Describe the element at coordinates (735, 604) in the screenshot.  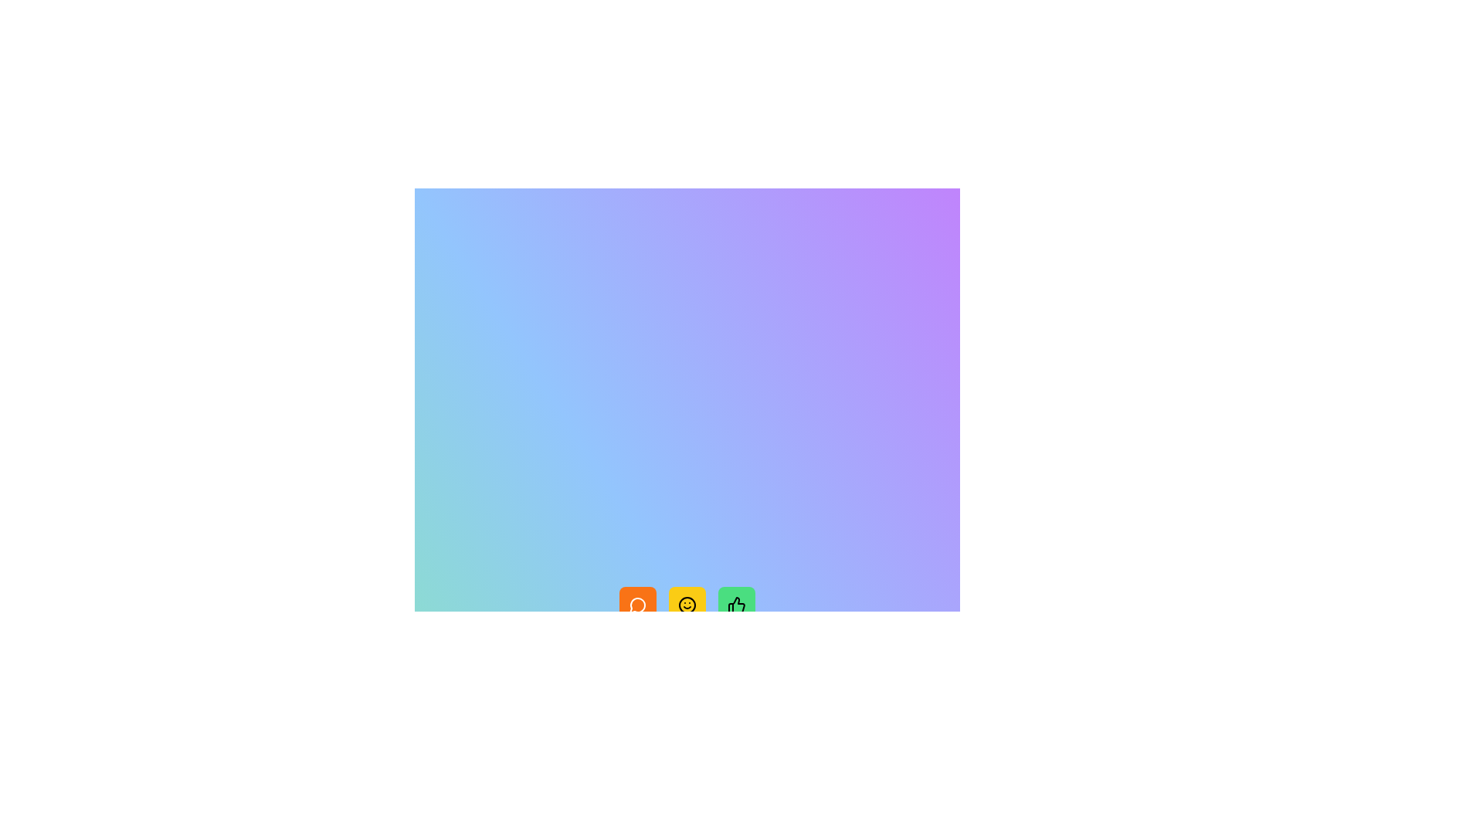
I see `thumbs-up SVG icon located at the bottom-right of the interface, which is the last item in a horizontal row of three similar buttons` at that location.